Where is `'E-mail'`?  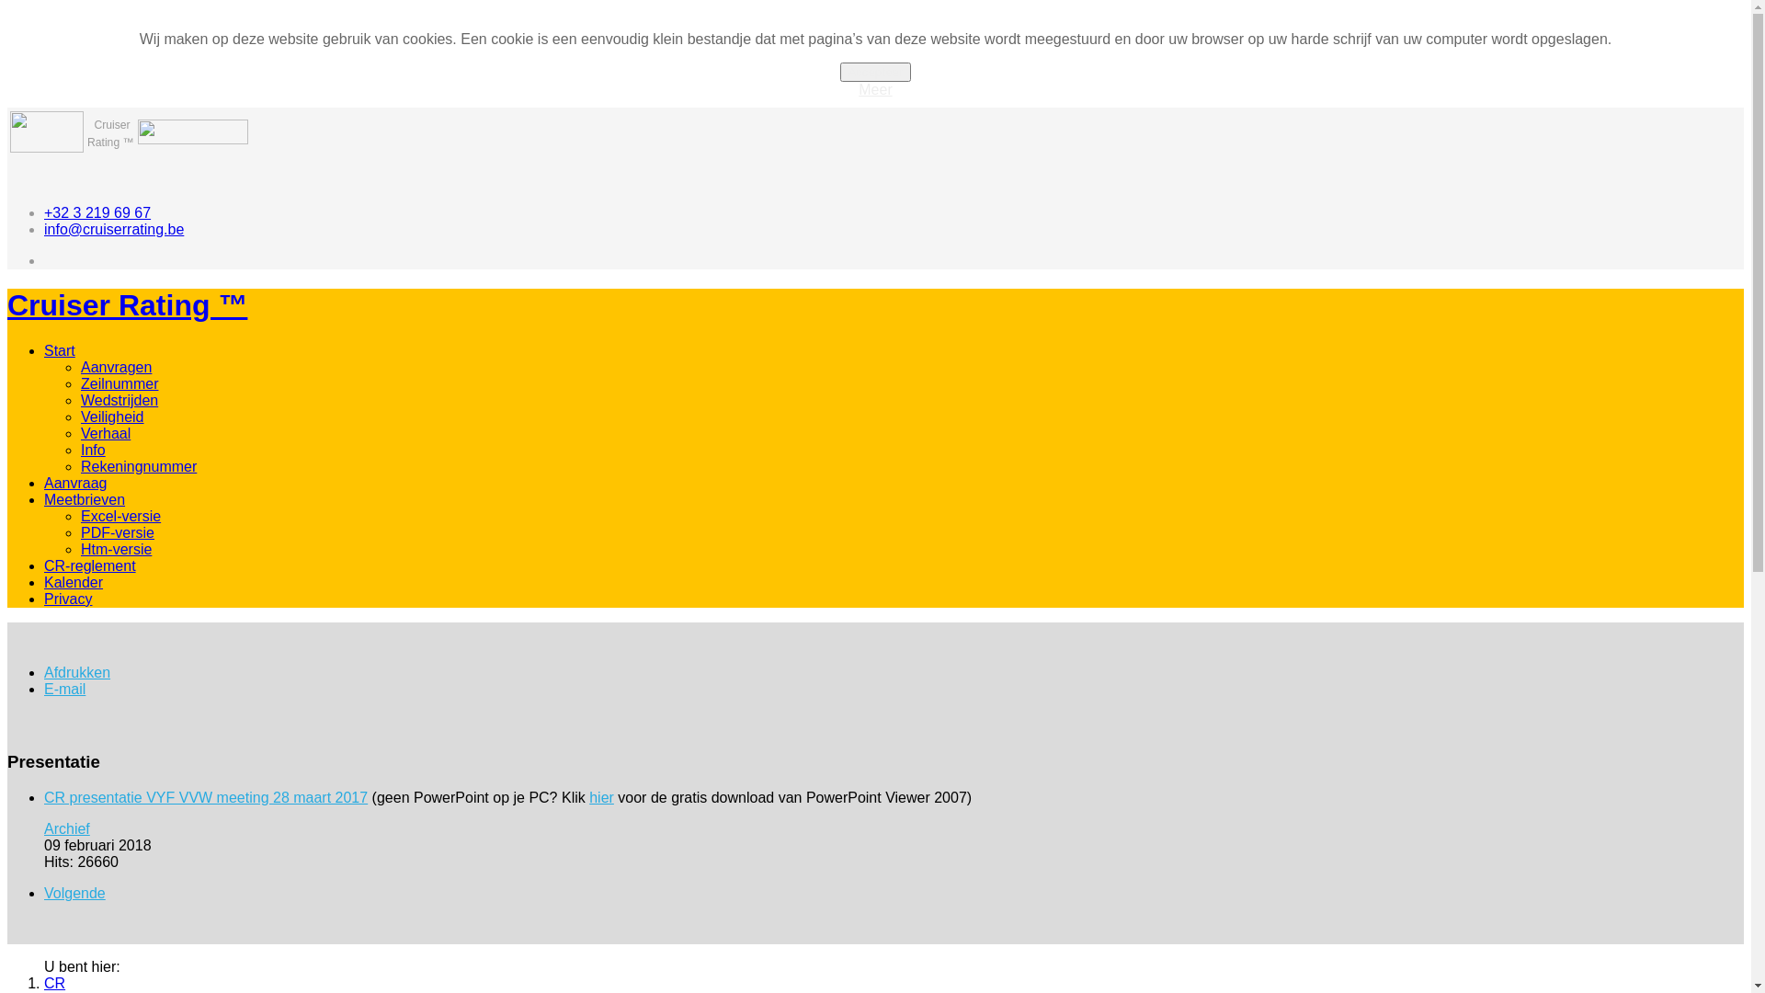 'E-mail' is located at coordinates (44, 689).